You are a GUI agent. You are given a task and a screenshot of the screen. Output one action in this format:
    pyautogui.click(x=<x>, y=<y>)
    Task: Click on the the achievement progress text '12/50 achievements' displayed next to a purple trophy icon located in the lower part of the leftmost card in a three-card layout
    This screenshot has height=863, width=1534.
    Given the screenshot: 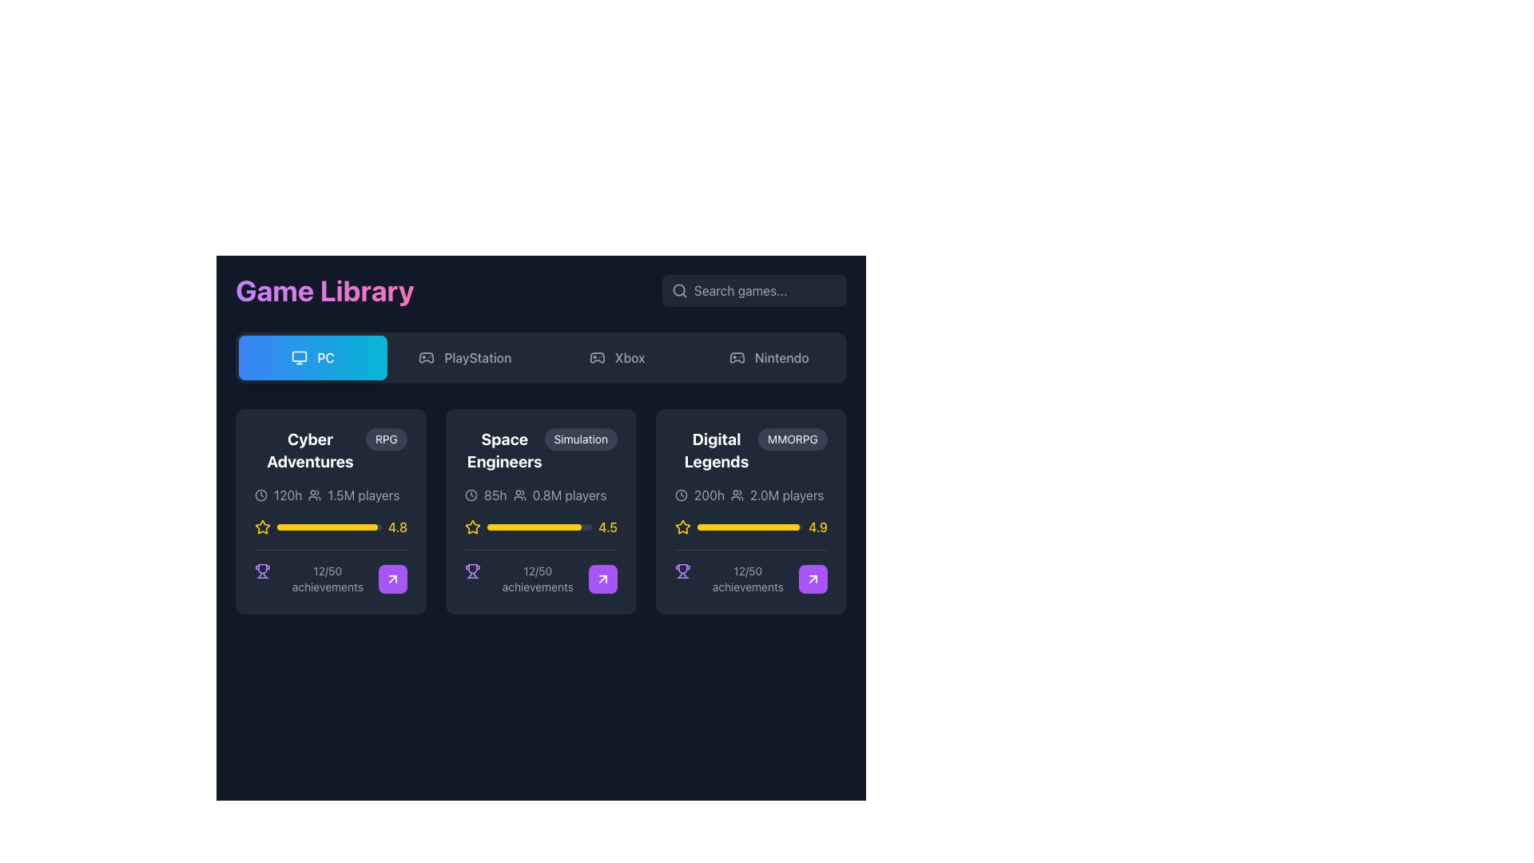 What is the action you would take?
    pyautogui.click(x=316, y=579)
    